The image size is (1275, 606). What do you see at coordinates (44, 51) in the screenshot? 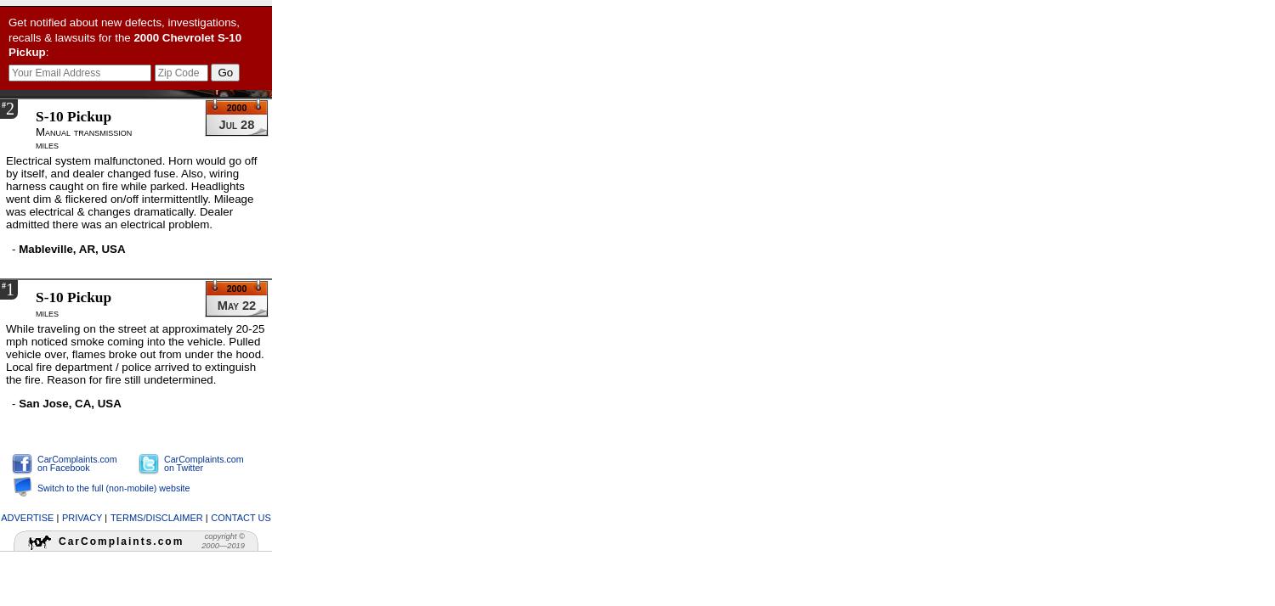
I see `':'` at bounding box center [44, 51].